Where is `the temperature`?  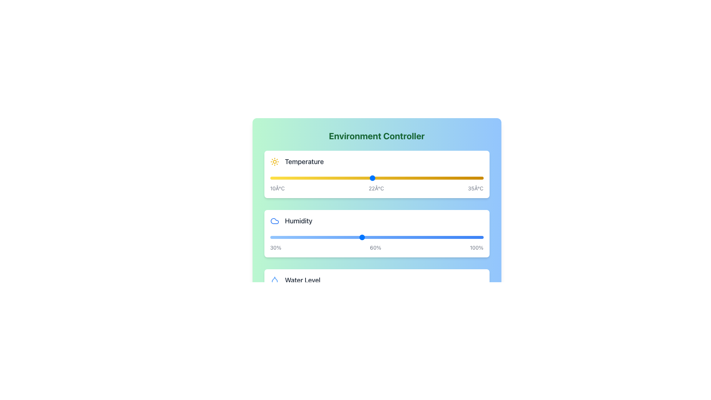 the temperature is located at coordinates (475, 178).